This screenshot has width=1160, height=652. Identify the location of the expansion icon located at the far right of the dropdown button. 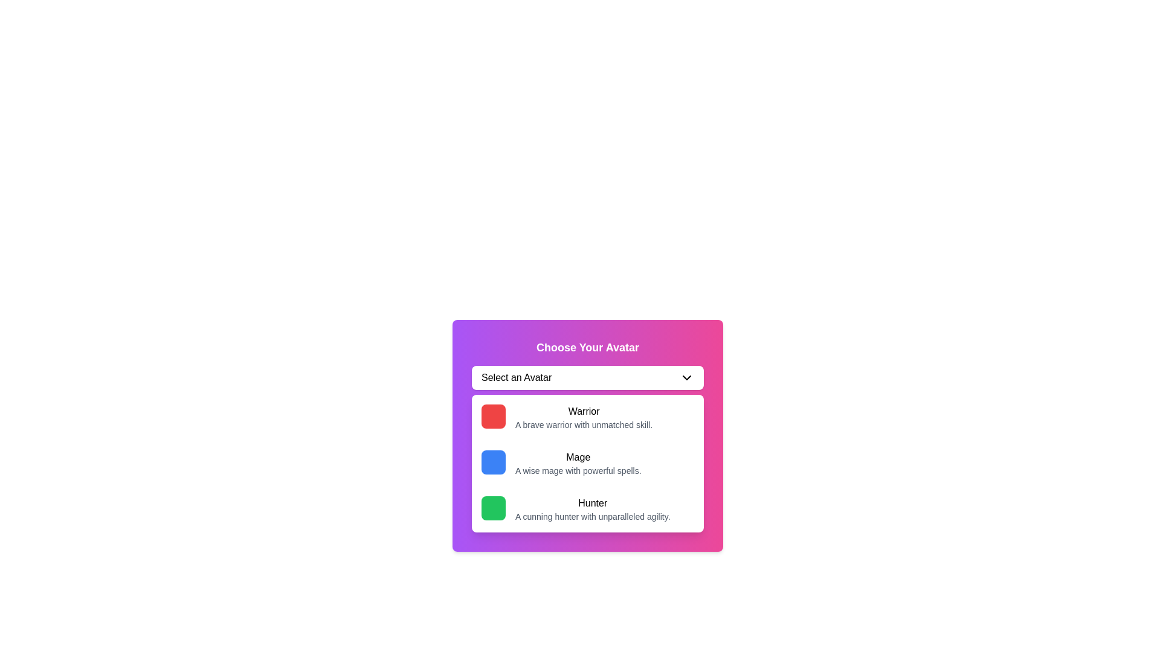
(687, 377).